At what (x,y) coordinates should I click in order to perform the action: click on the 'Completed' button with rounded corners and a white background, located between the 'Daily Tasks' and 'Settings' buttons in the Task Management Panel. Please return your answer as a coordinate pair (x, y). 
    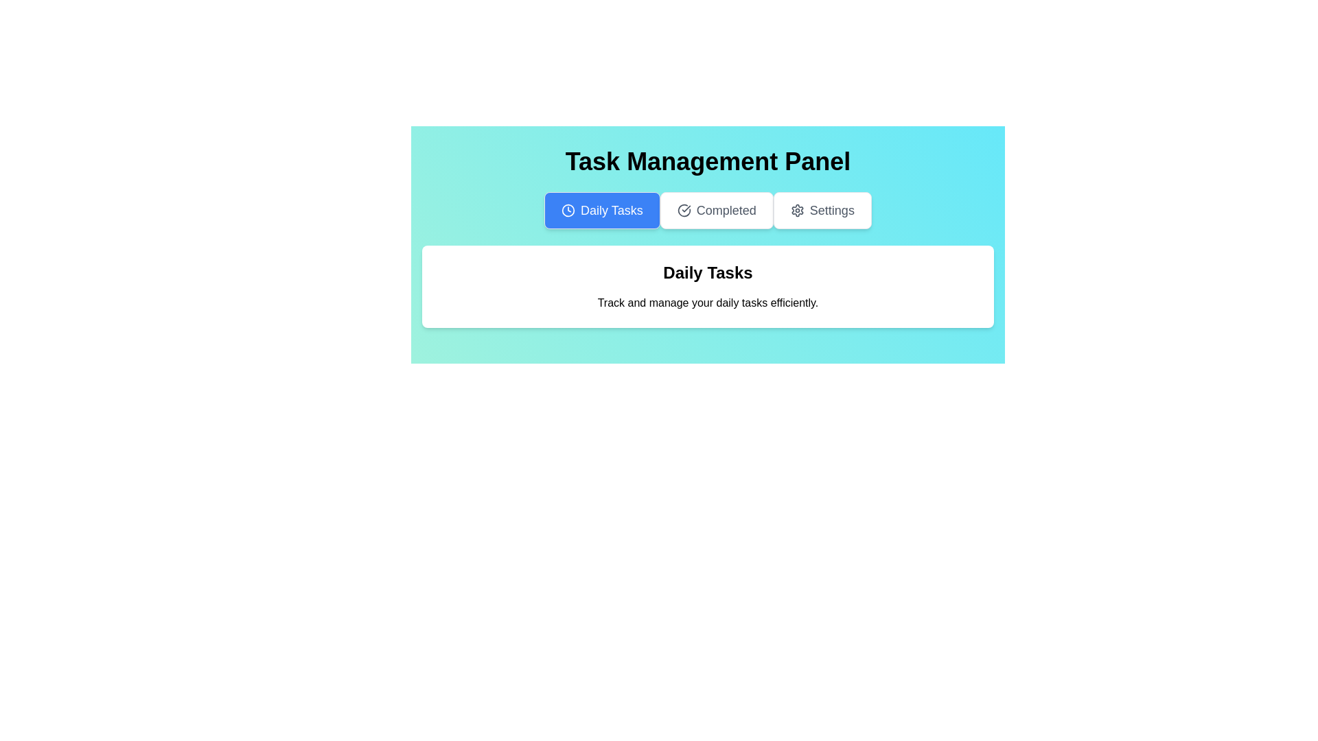
    Looking at the image, I should click on (715, 211).